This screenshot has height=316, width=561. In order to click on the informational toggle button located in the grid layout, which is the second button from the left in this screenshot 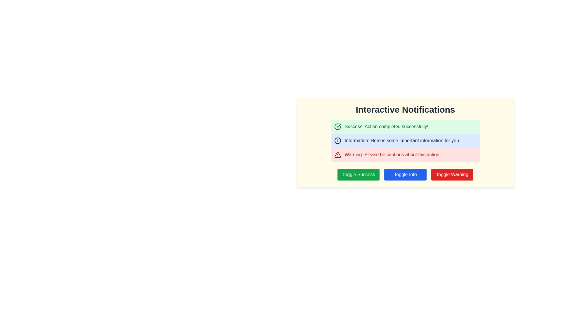, I will do `click(405, 174)`.